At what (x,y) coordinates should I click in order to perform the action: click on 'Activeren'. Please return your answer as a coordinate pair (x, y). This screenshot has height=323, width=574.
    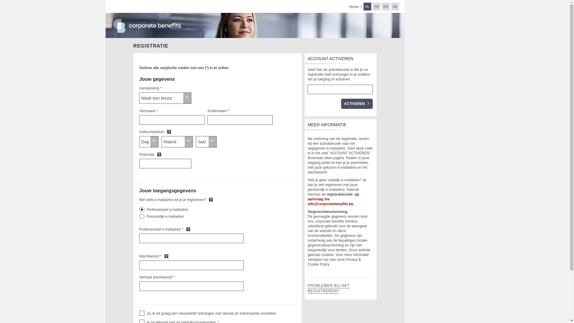
    Looking at the image, I should click on (341, 103).